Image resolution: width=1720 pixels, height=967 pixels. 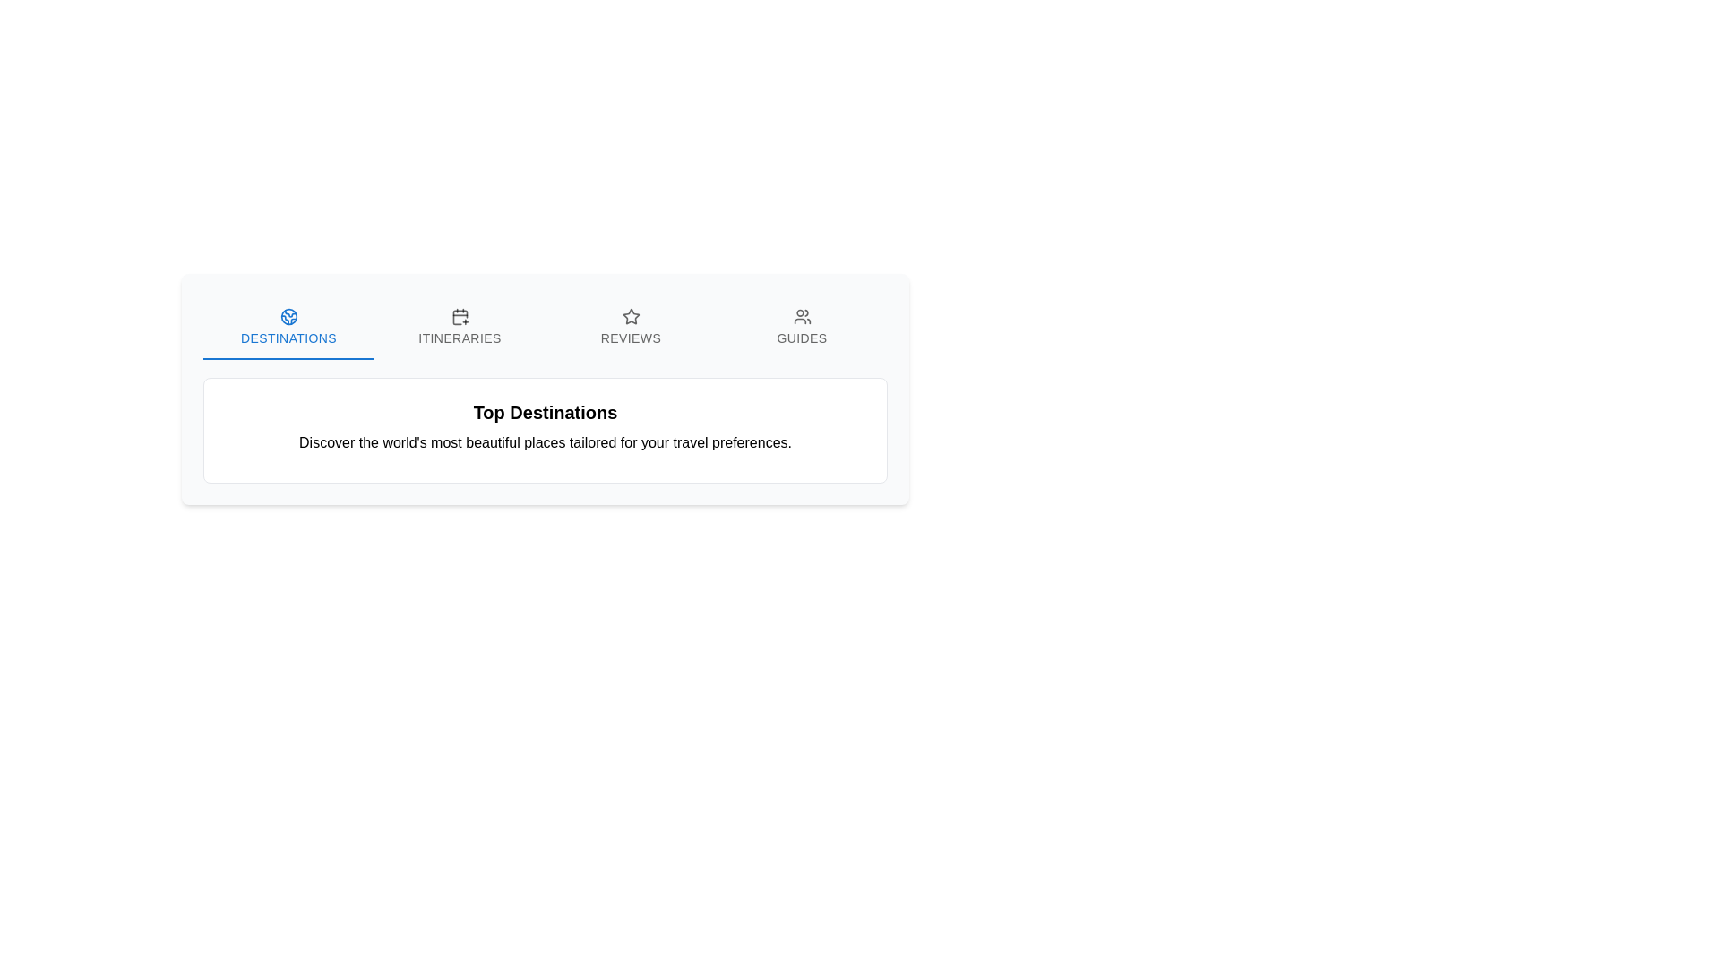 I want to click on the informational section that provides content about travel destinations, centrally aligned below the navigation bar, so click(x=545, y=389).